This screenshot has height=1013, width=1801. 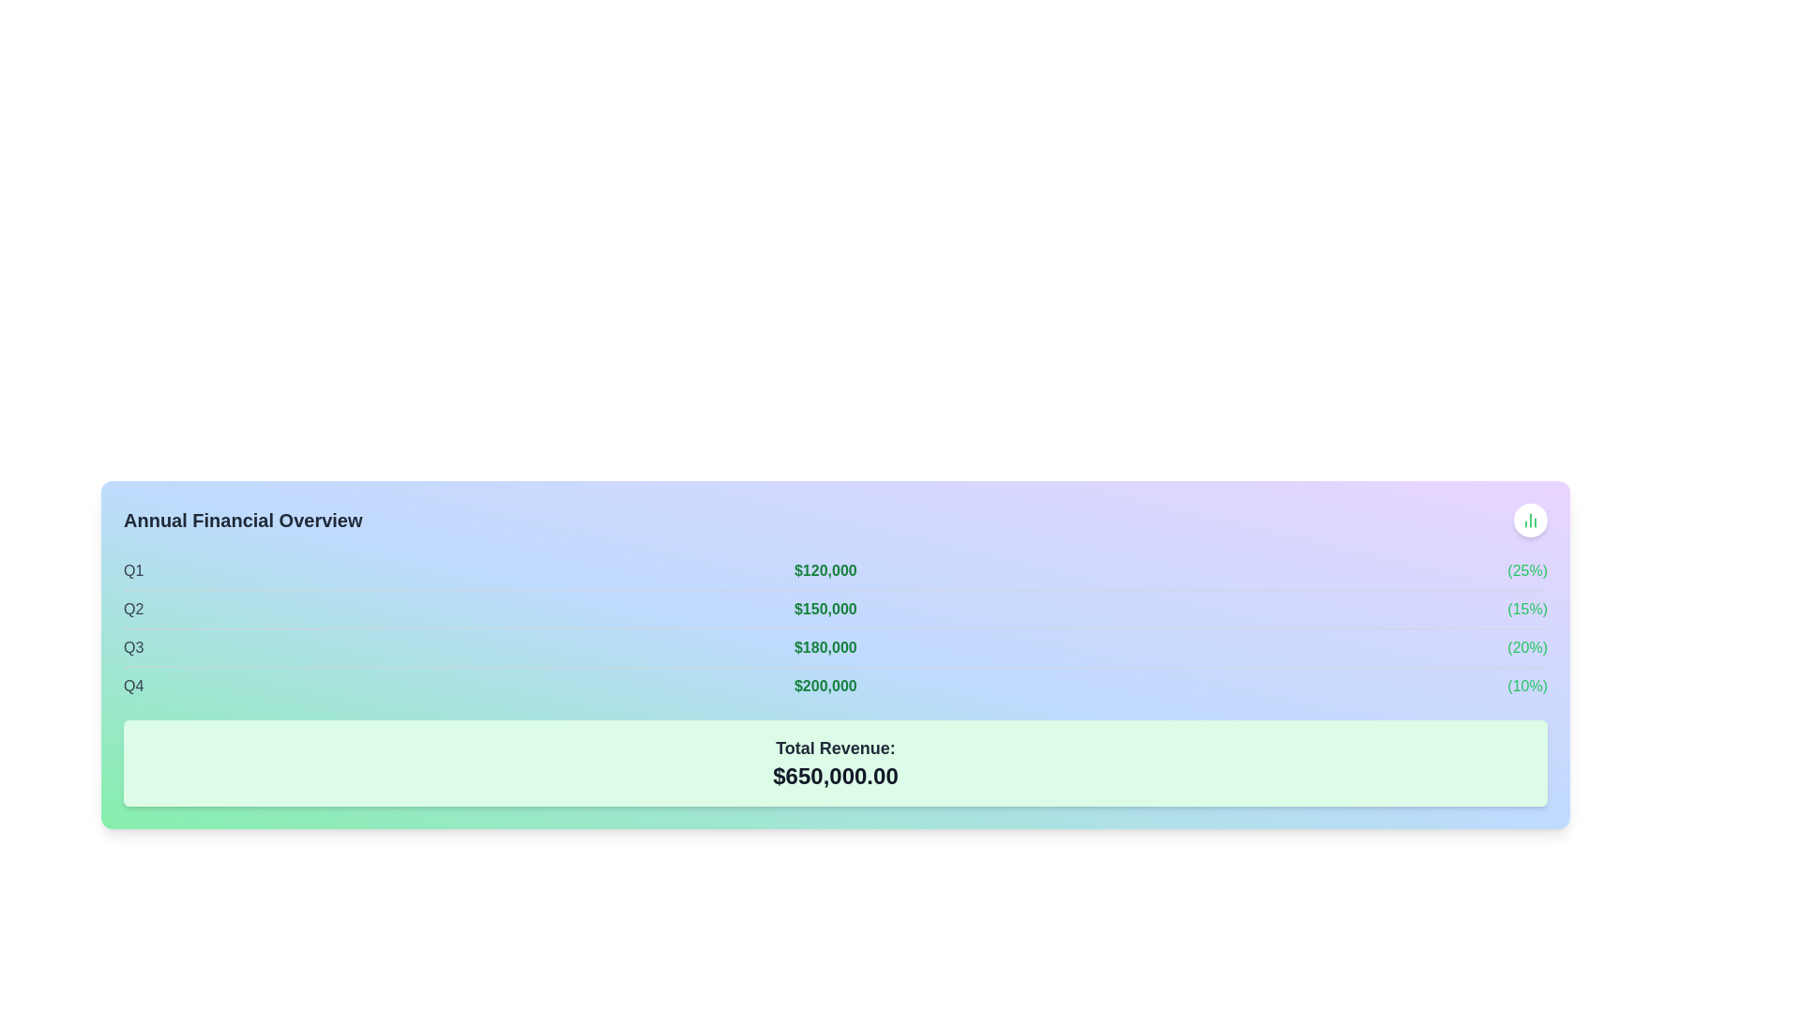 I want to click on the first informative data row representing the financial details of the first quarter, which includes the quarter name, amount, and percentage change, so click(x=835, y=570).